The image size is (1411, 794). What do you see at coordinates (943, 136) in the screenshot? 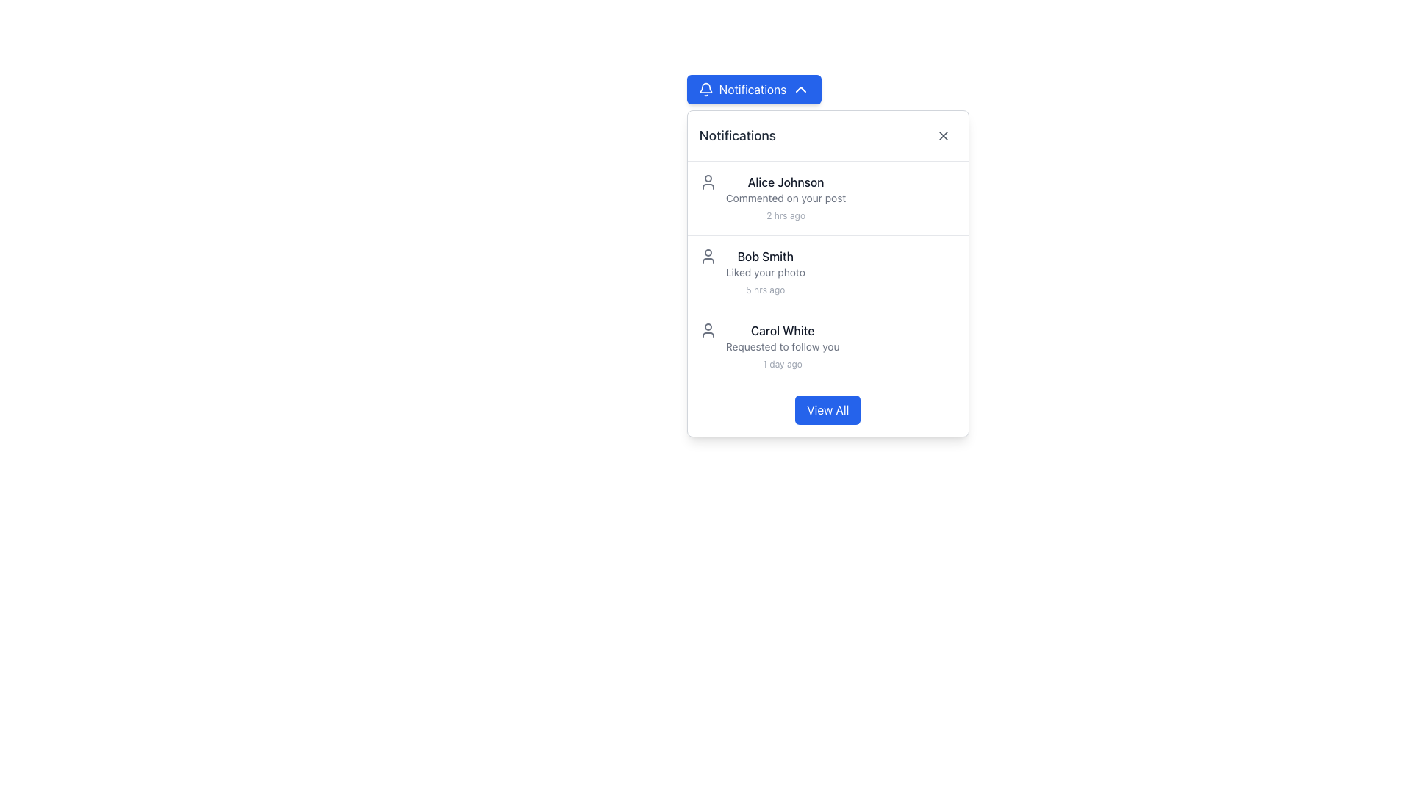
I see `the close or delete icon in the notification dropdown menu, located near the title 'Notifications'` at bounding box center [943, 136].